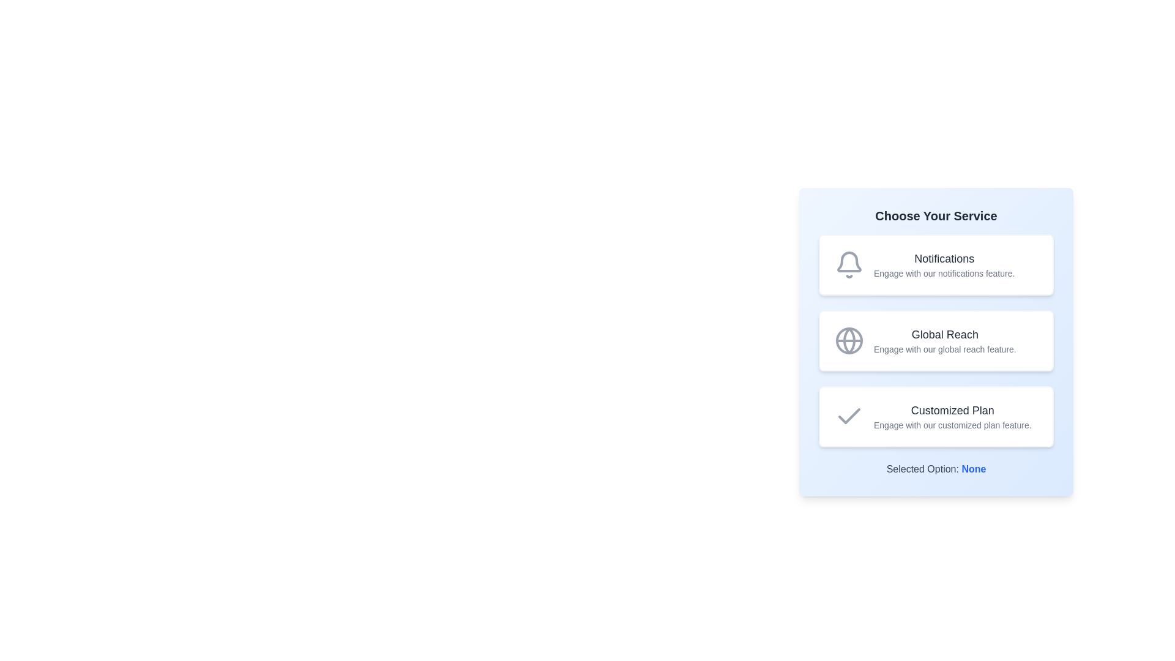 Image resolution: width=1175 pixels, height=661 pixels. Describe the element at coordinates (952, 424) in the screenshot. I see `the text label that reads 'Engage with our customized plan feature.', which is styled in a smaller gray font and positioned below the title 'Customized Plan'` at that location.